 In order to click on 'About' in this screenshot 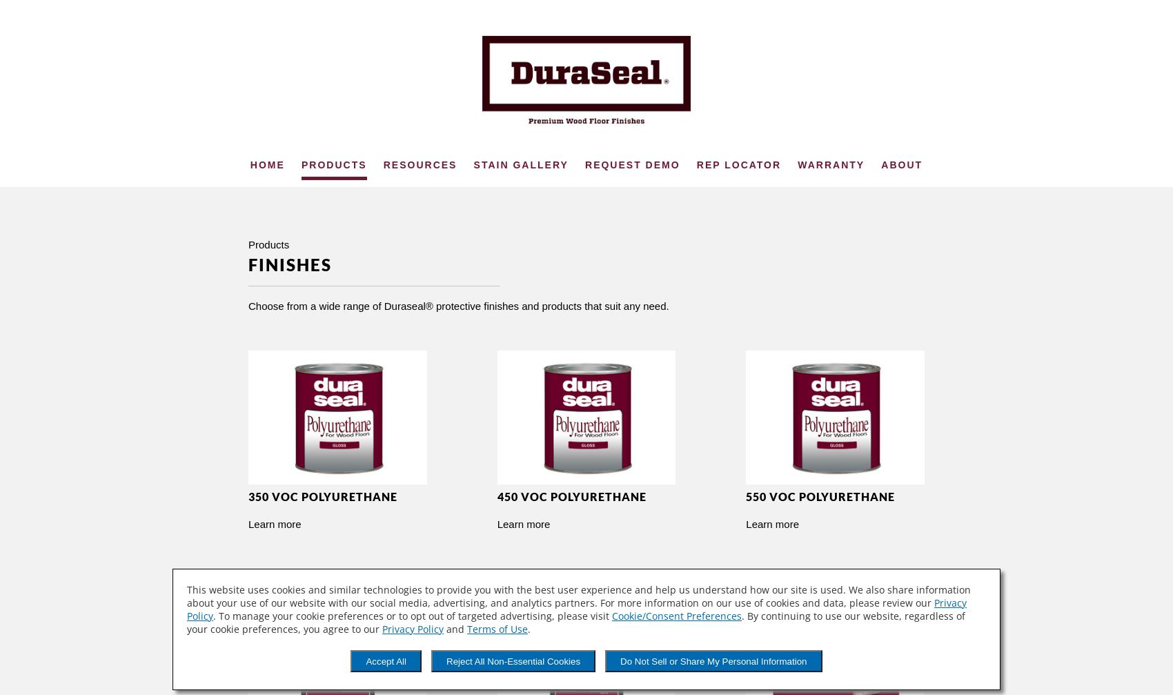, I will do `click(901, 164)`.